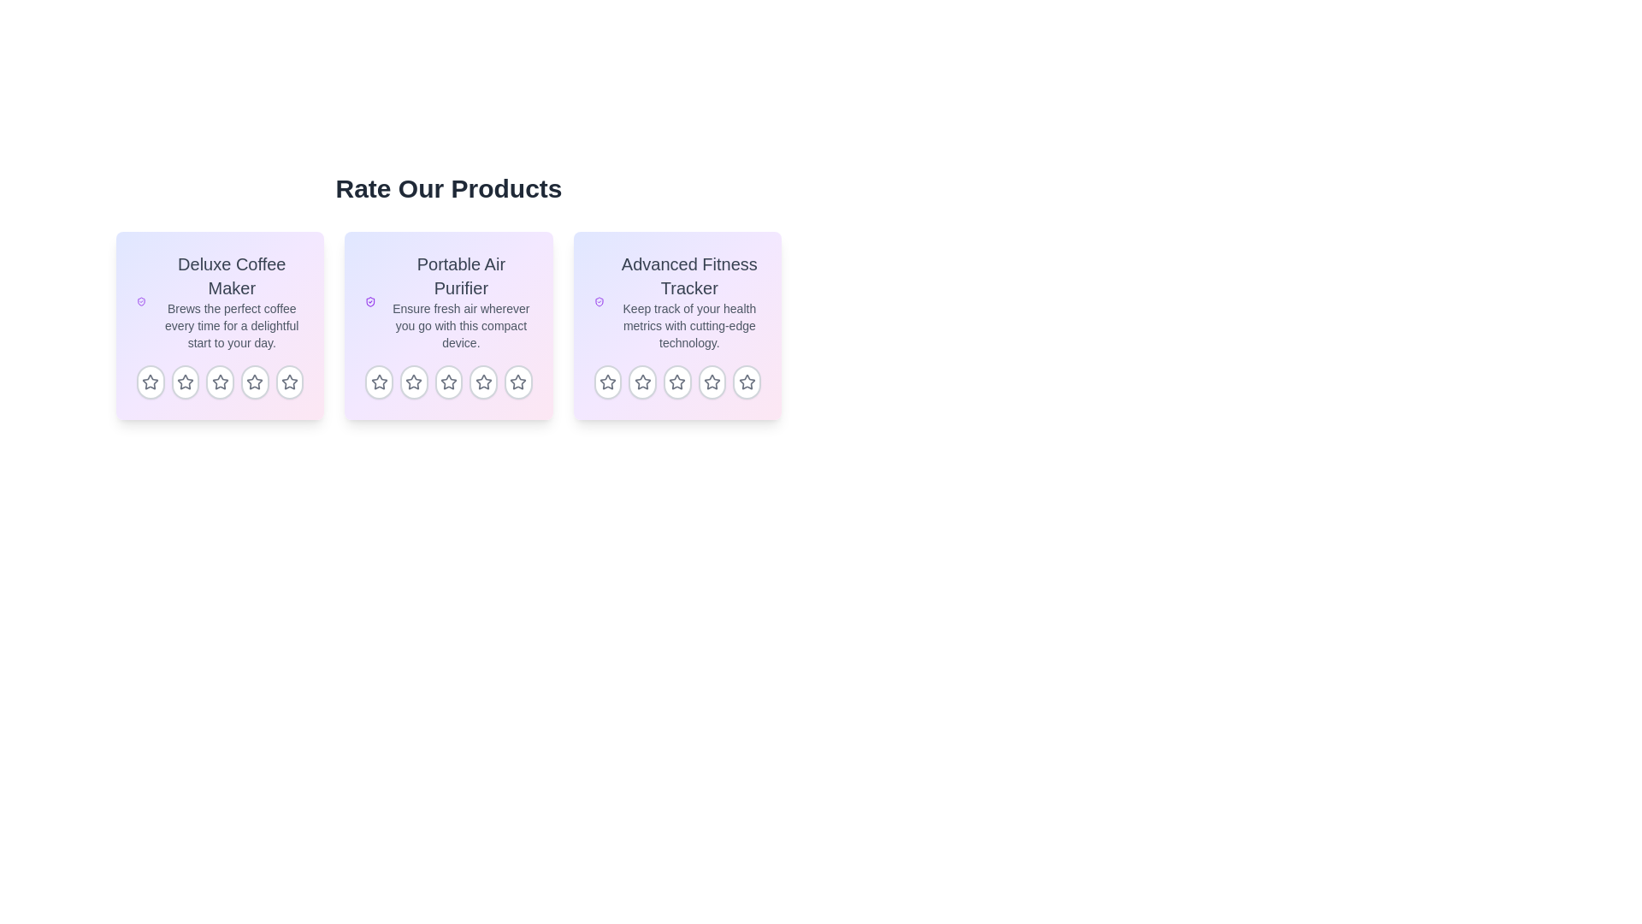  Describe the element at coordinates (747, 381) in the screenshot. I see `the fifth star-shaped rating icon located below the description for 'Advanced Fitness Tracker'` at that location.